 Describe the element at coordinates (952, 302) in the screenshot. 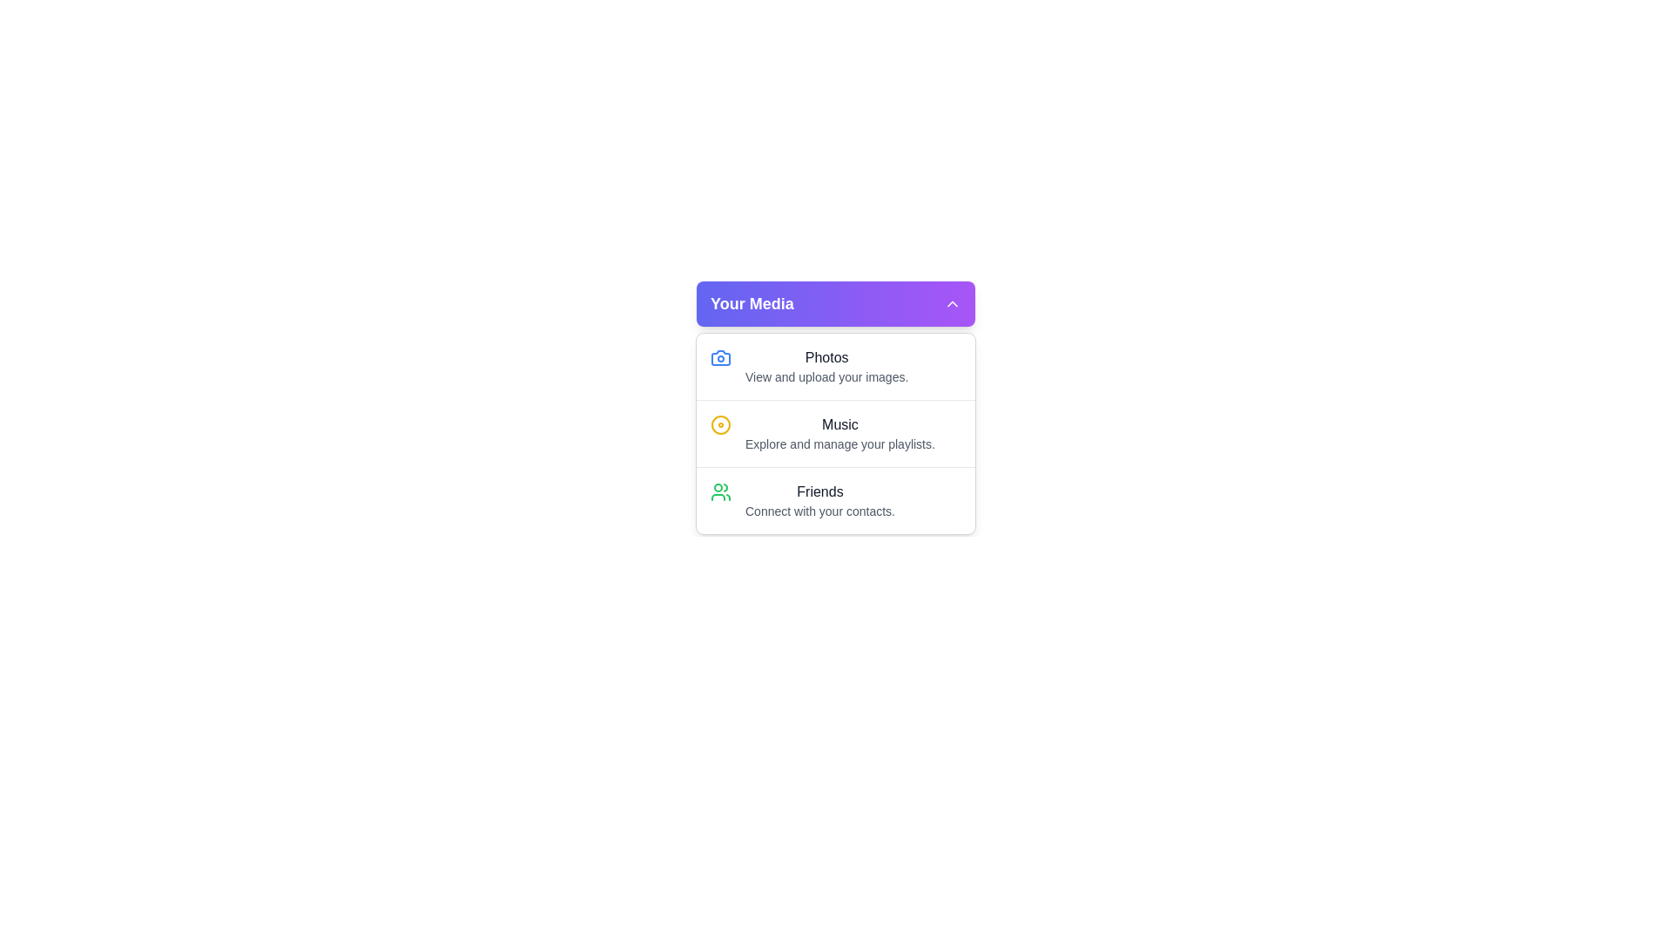

I see `the Chevron Up icon located at the top-right corner of the 'Your Media' section` at that location.